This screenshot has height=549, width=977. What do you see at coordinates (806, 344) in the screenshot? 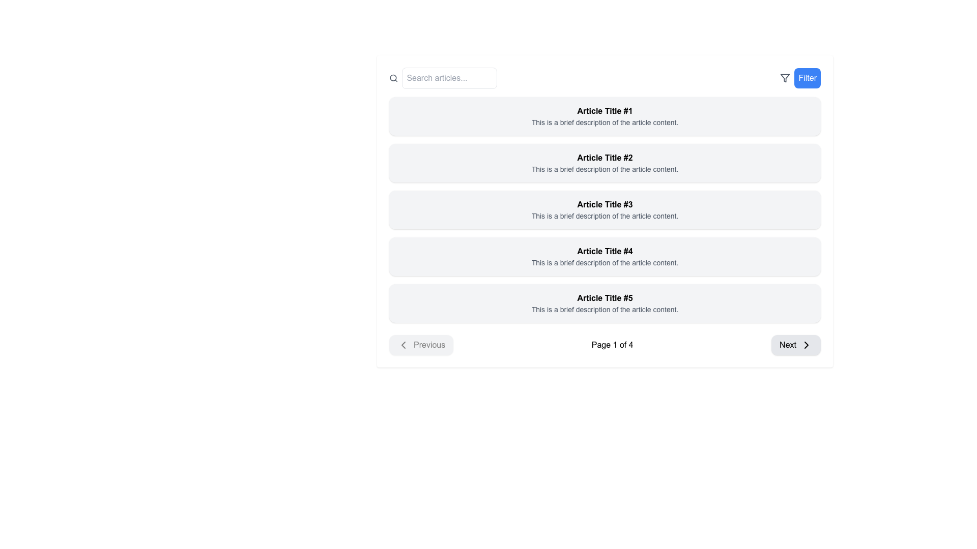
I see `the right-pointing chevron icon, which is part of the 'Next' button located in the bottom-right corner of the application interface` at bounding box center [806, 344].